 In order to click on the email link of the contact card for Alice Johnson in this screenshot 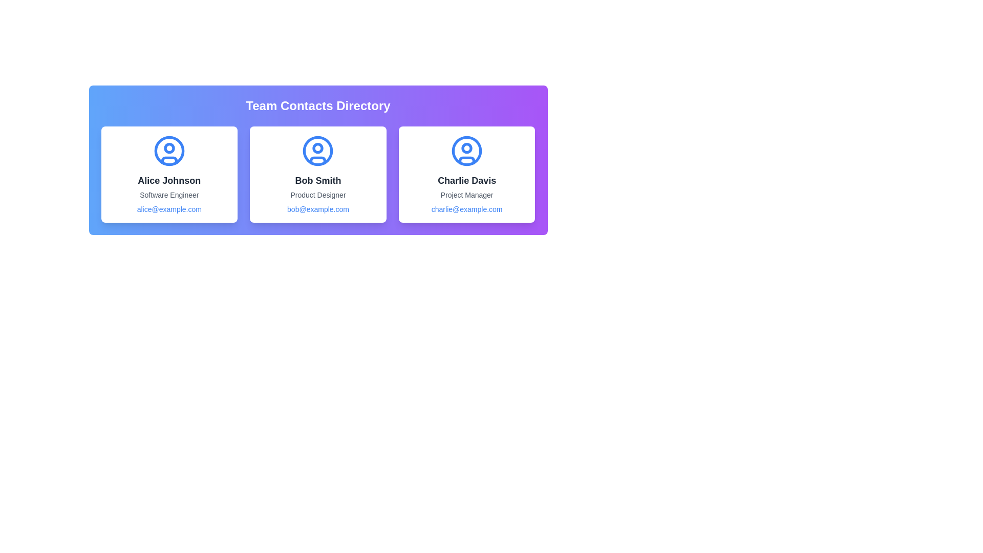, I will do `click(169, 208)`.